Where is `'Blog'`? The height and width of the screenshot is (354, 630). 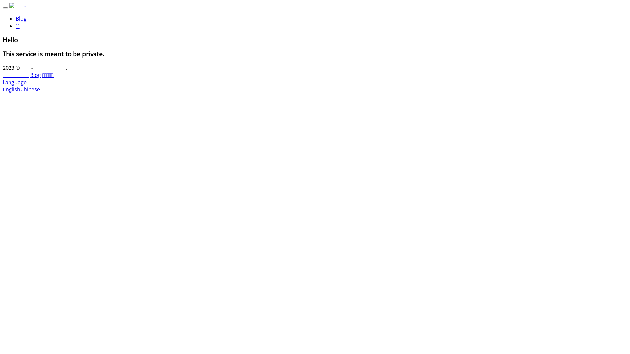
'Blog' is located at coordinates (21, 18).